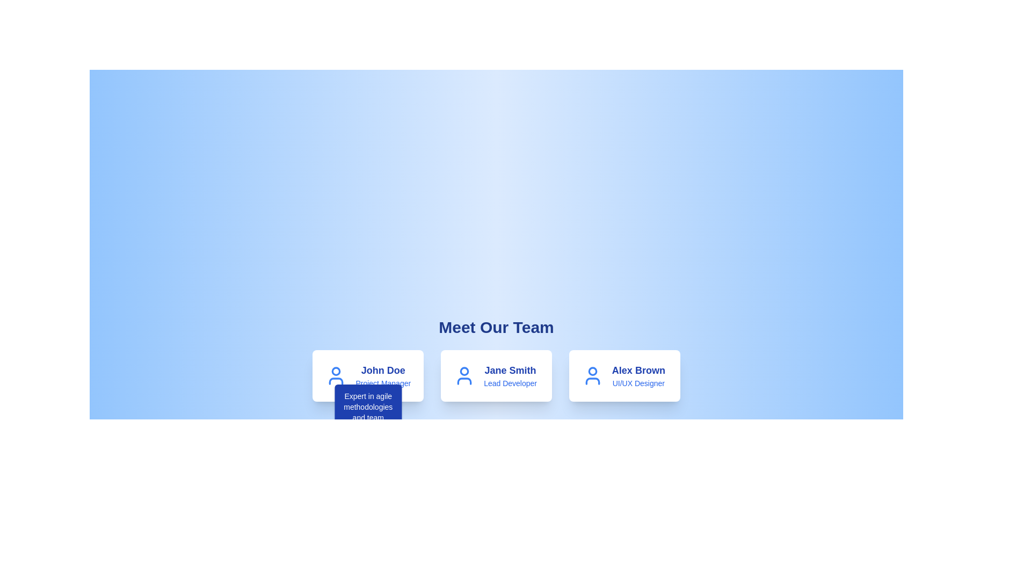  I want to click on text label that describes the job title or position of 'John Doe', which is located beneath his name in the team member card, so click(383, 382).